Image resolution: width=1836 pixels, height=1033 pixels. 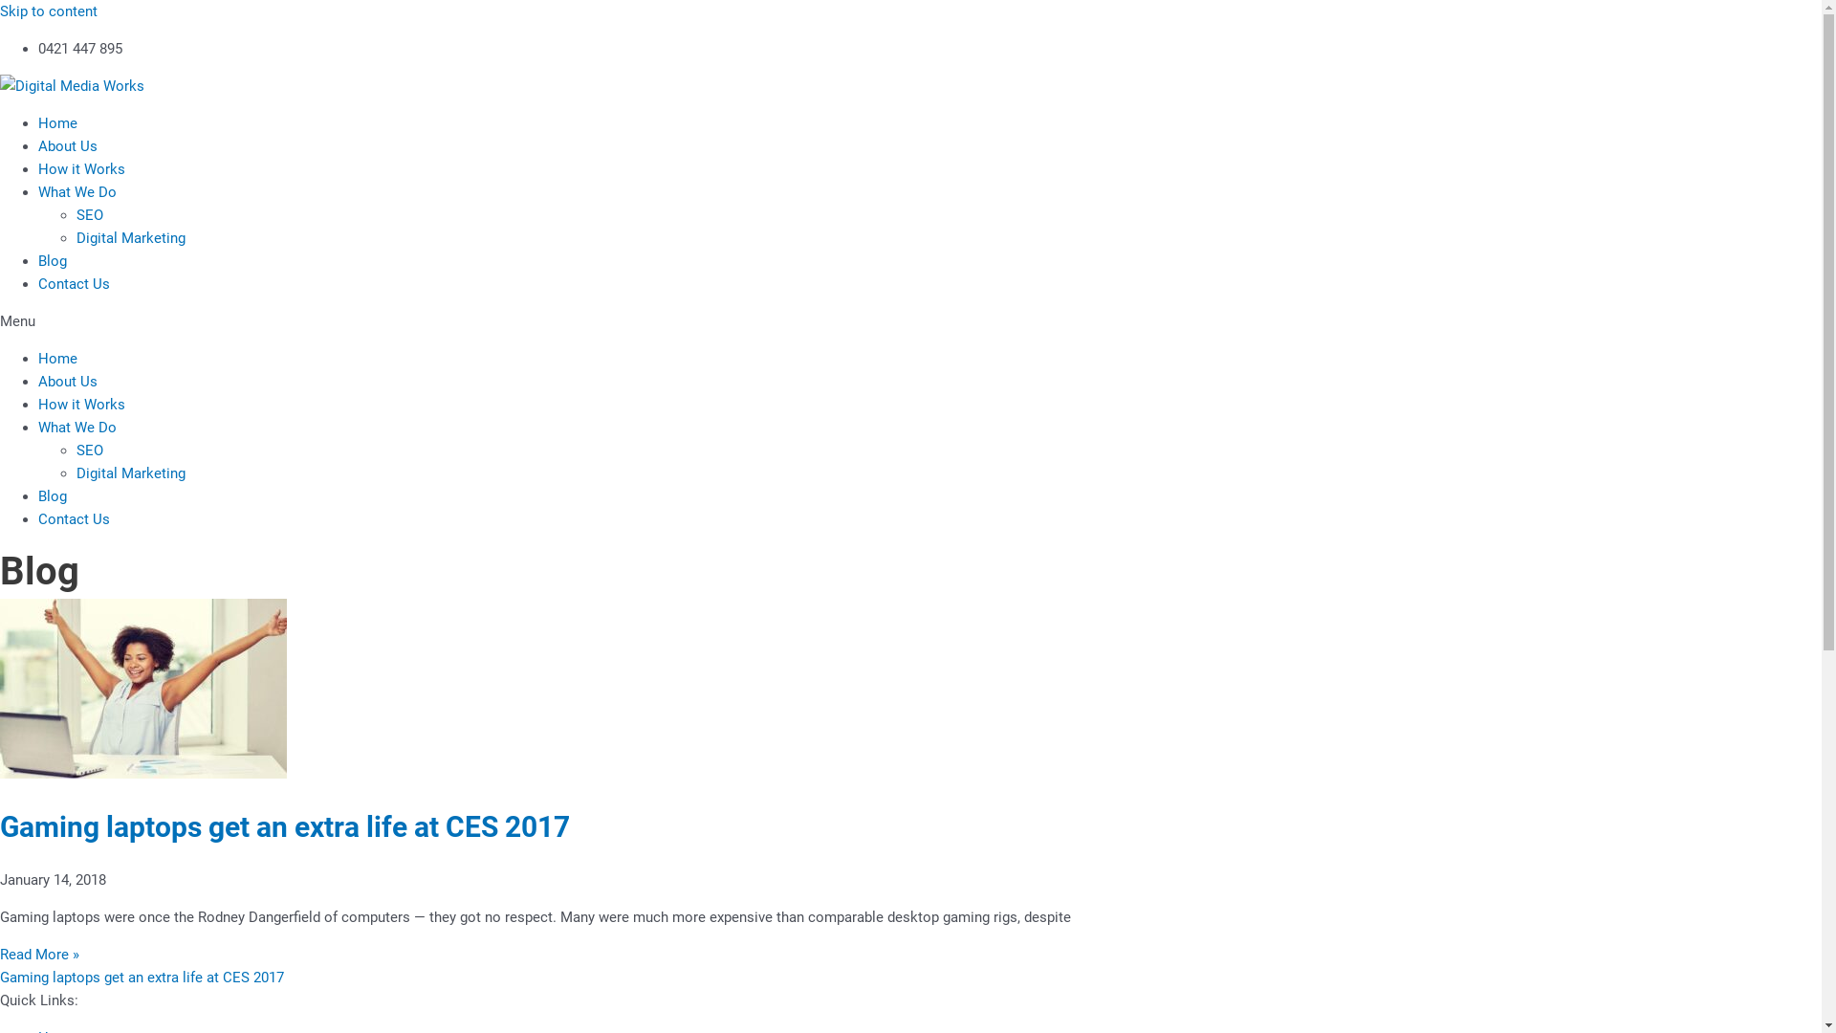 I want to click on 'Digital Marketing', so click(x=130, y=473).